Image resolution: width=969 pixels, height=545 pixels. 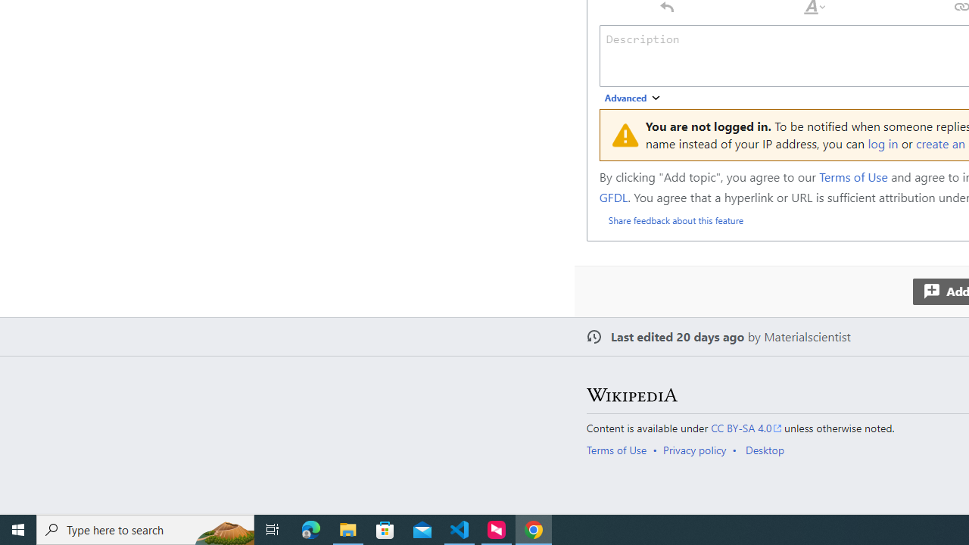 I want to click on 'AutomationID: footer-places-privacy', so click(x=699, y=449).